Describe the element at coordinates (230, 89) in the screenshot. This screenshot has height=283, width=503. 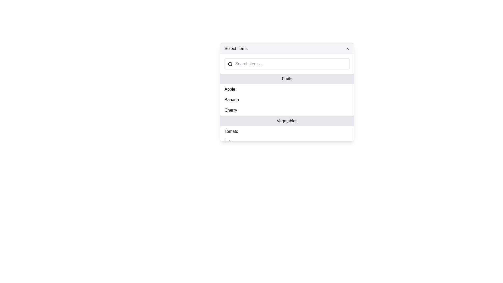
I see `the selectable list item labeled 'Apple'` at that location.